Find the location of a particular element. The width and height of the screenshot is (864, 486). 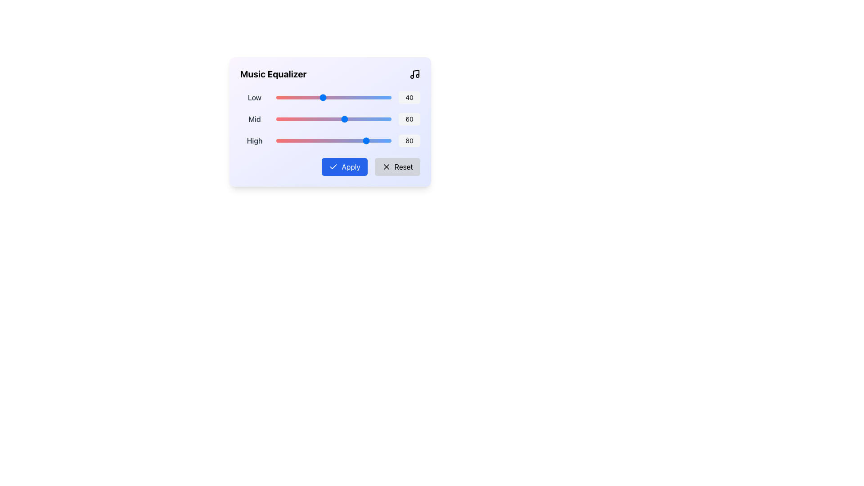

the horizontal slider element with a gradient background and a blue circular thumb located in the 'Music Equalizer' interface, positioned between the label 'Mid' and the numeric display '60' is located at coordinates (333, 119).